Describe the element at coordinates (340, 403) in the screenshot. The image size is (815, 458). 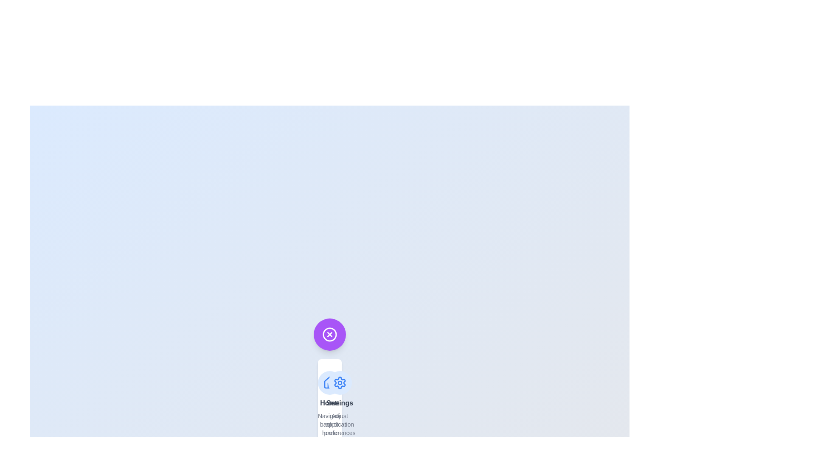
I see `the menu option labeled Settings` at that location.